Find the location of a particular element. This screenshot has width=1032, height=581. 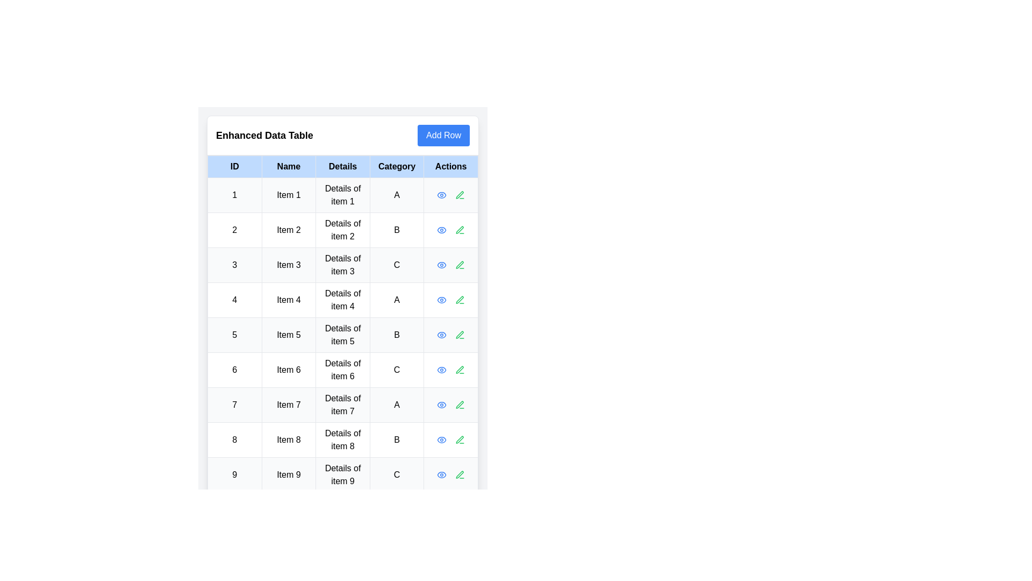

the table cell located in the third column of the ninth row, which displays detailed information associated with item 9 is located at coordinates (342, 474).